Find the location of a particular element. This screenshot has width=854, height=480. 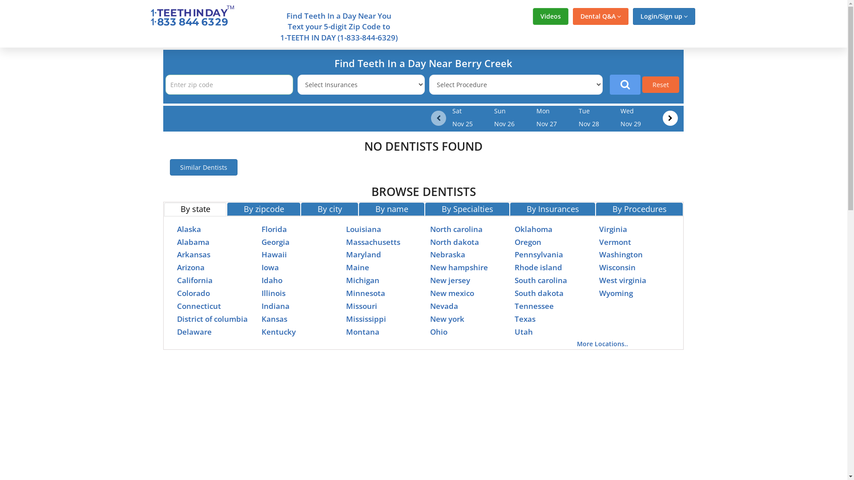

'Hawaii' is located at coordinates (274, 254).